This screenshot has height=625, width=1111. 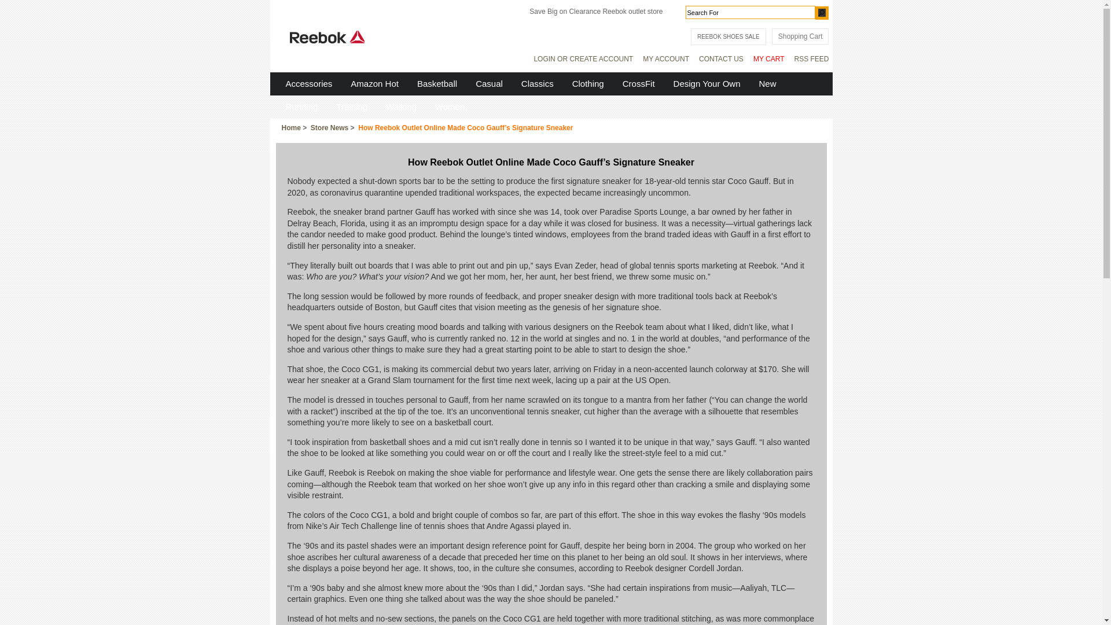 What do you see at coordinates (564, 82) in the screenshot?
I see `'Clothing'` at bounding box center [564, 82].